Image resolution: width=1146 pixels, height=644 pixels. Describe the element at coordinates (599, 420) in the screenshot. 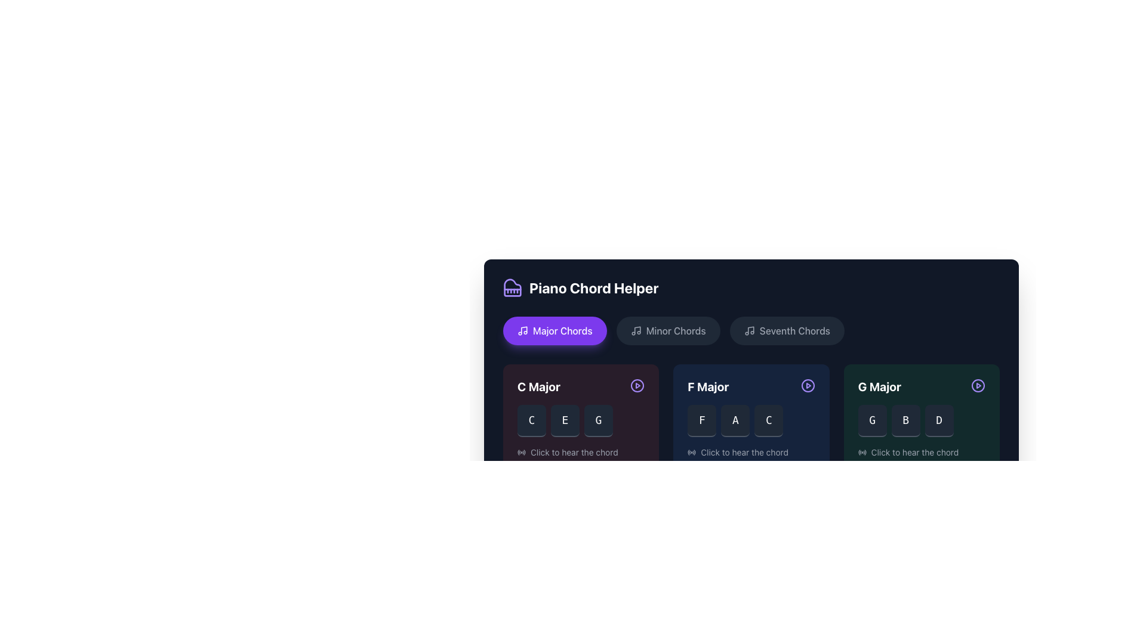

I see `the non-interactive button displaying the letter 'G' in the C Major panel, which is the third button in a horizontal group of three buttons` at that location.